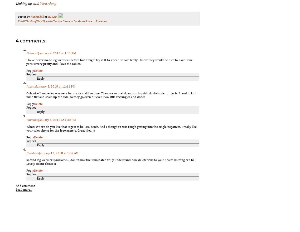  What do you see at coordinates (74, 21) in the screenshot?
I see `'Share to Facebook'` at bounding box center [74, 21].